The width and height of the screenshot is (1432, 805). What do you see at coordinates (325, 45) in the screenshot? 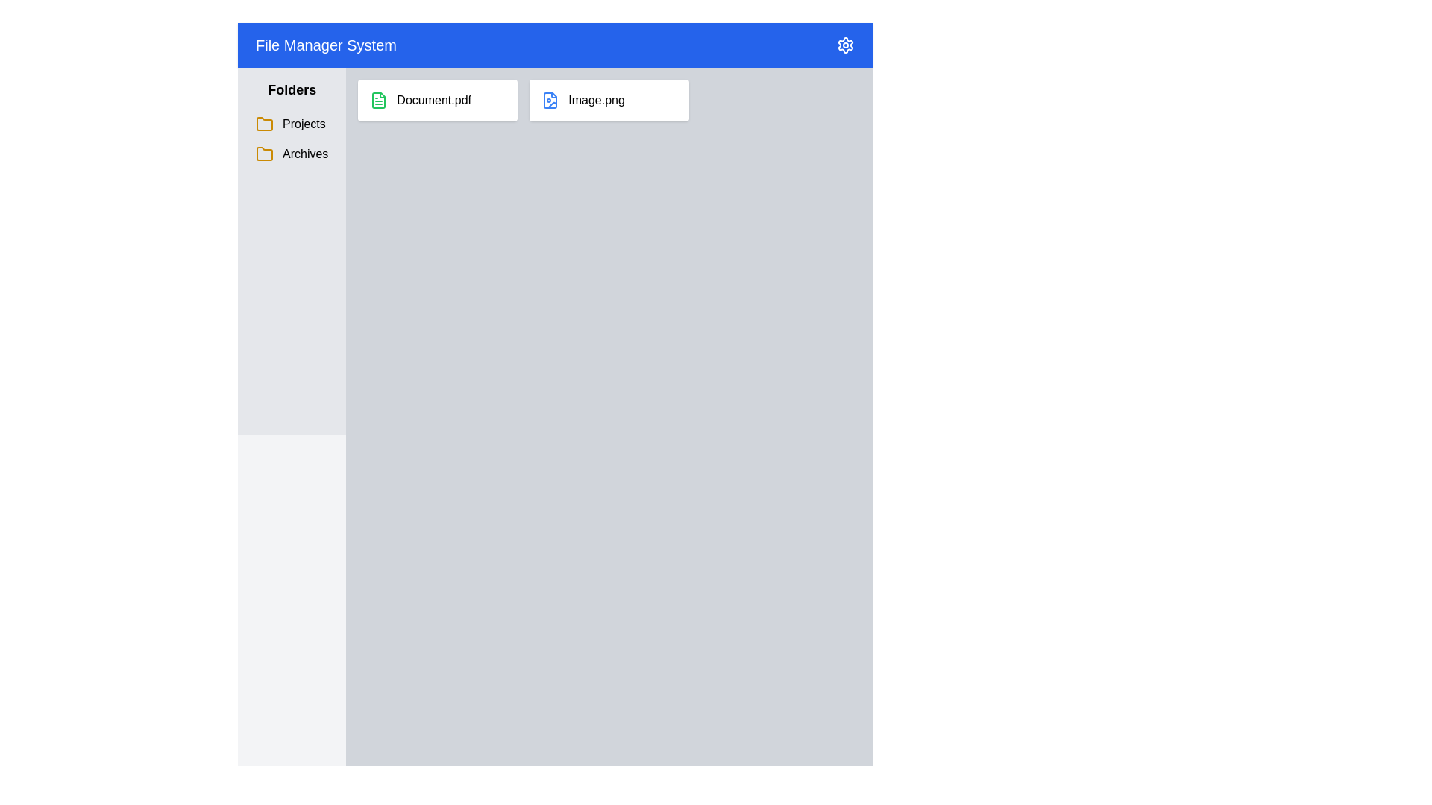
I see `the text heading 'File Manager System' located in the top navigation bar with a blue background` at bounding box center [325, 45].